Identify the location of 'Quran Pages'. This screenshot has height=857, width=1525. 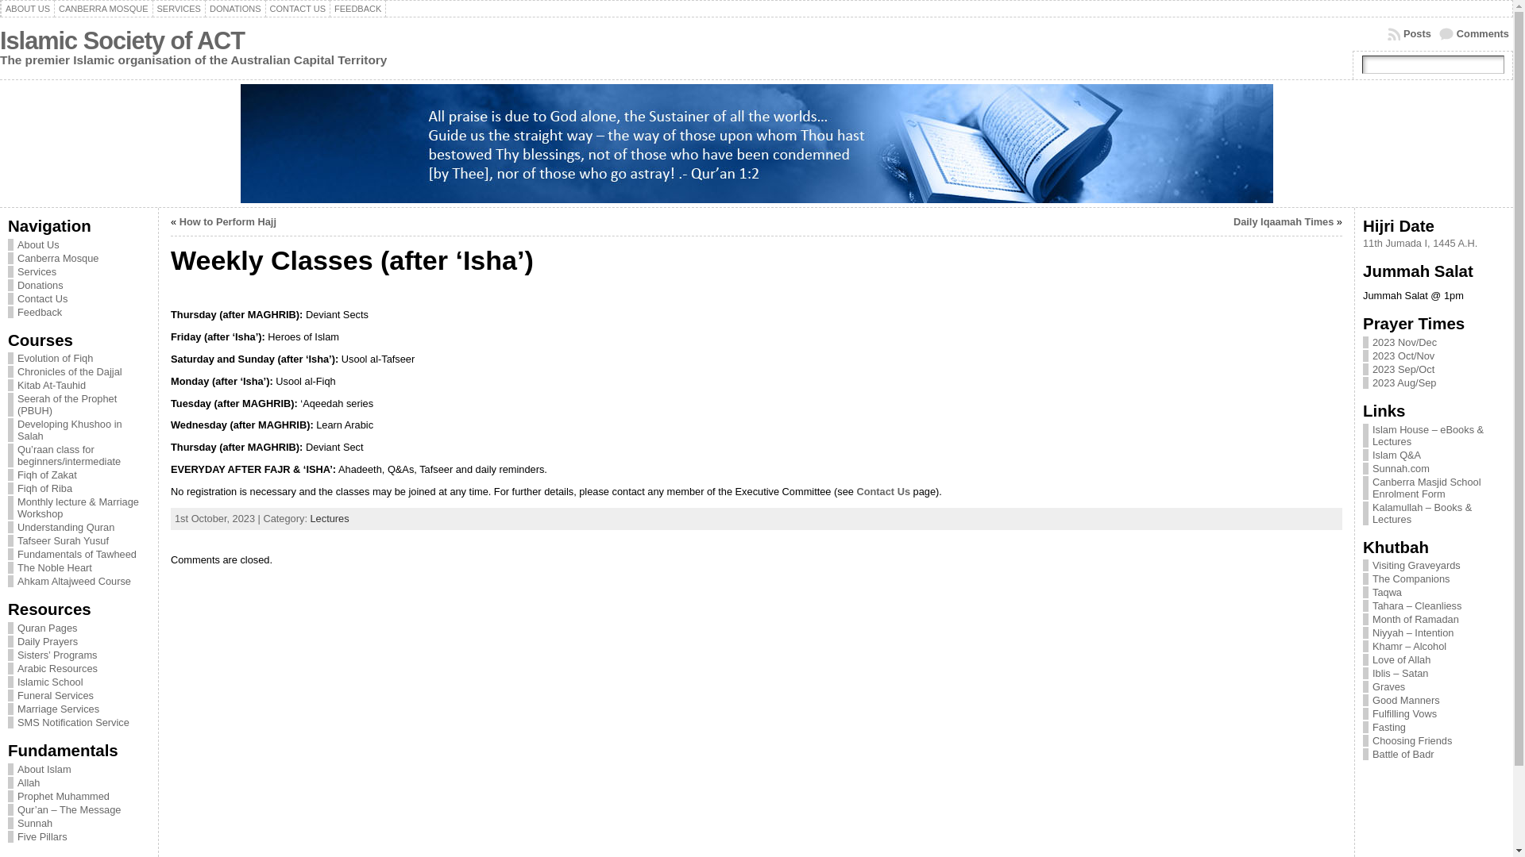
(7, 627).